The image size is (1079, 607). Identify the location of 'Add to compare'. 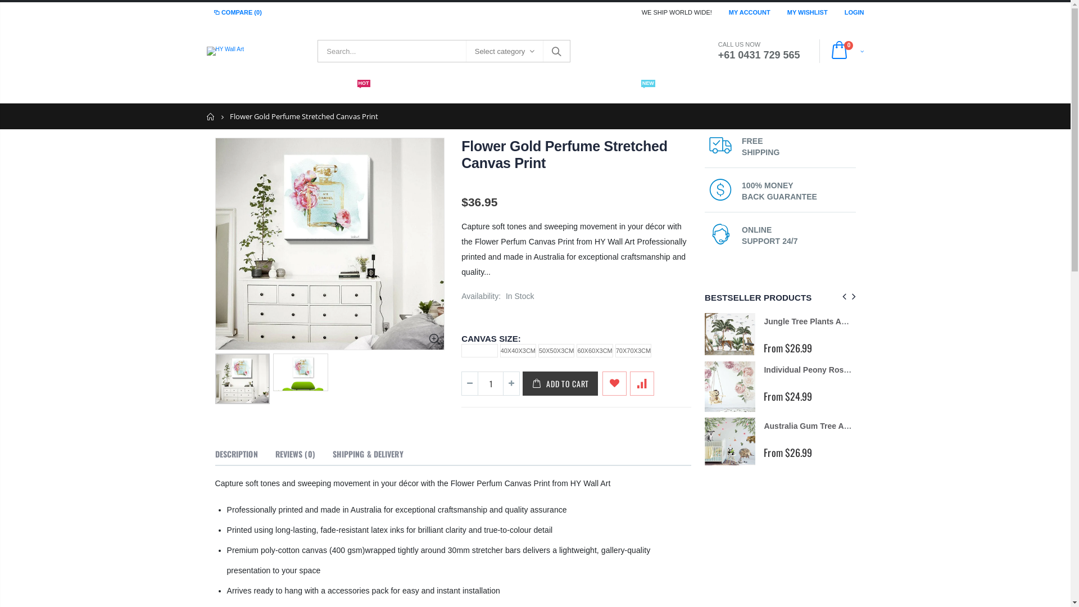
(630, 383).